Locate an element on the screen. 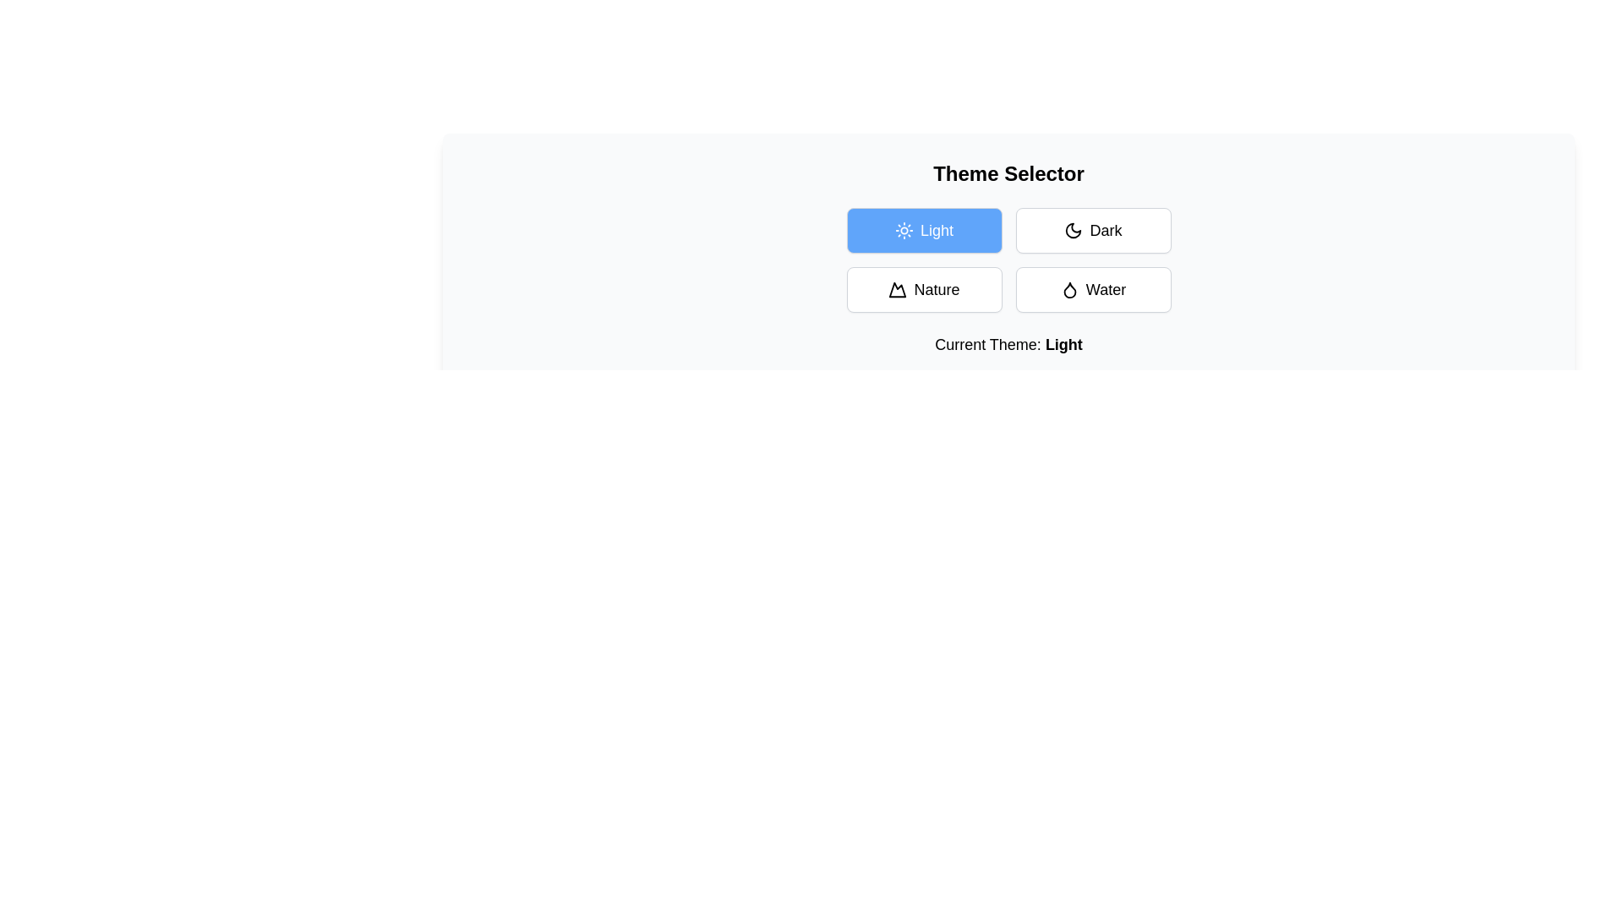 This screenshot has height=913, width=1623. the top-right button labeled 'Dark' with a moon icon is located at coordinates (1093, 231).